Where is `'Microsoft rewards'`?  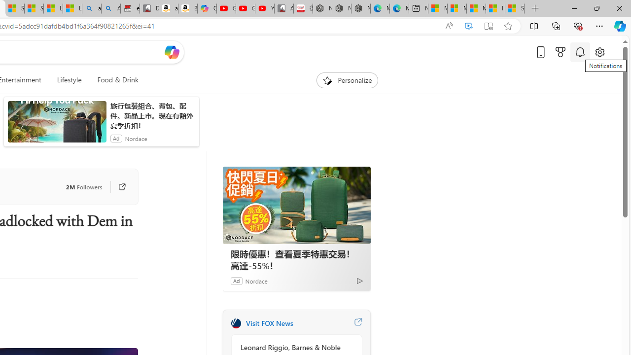 'Microsoft rewards' is located at coordinates (561, 52).